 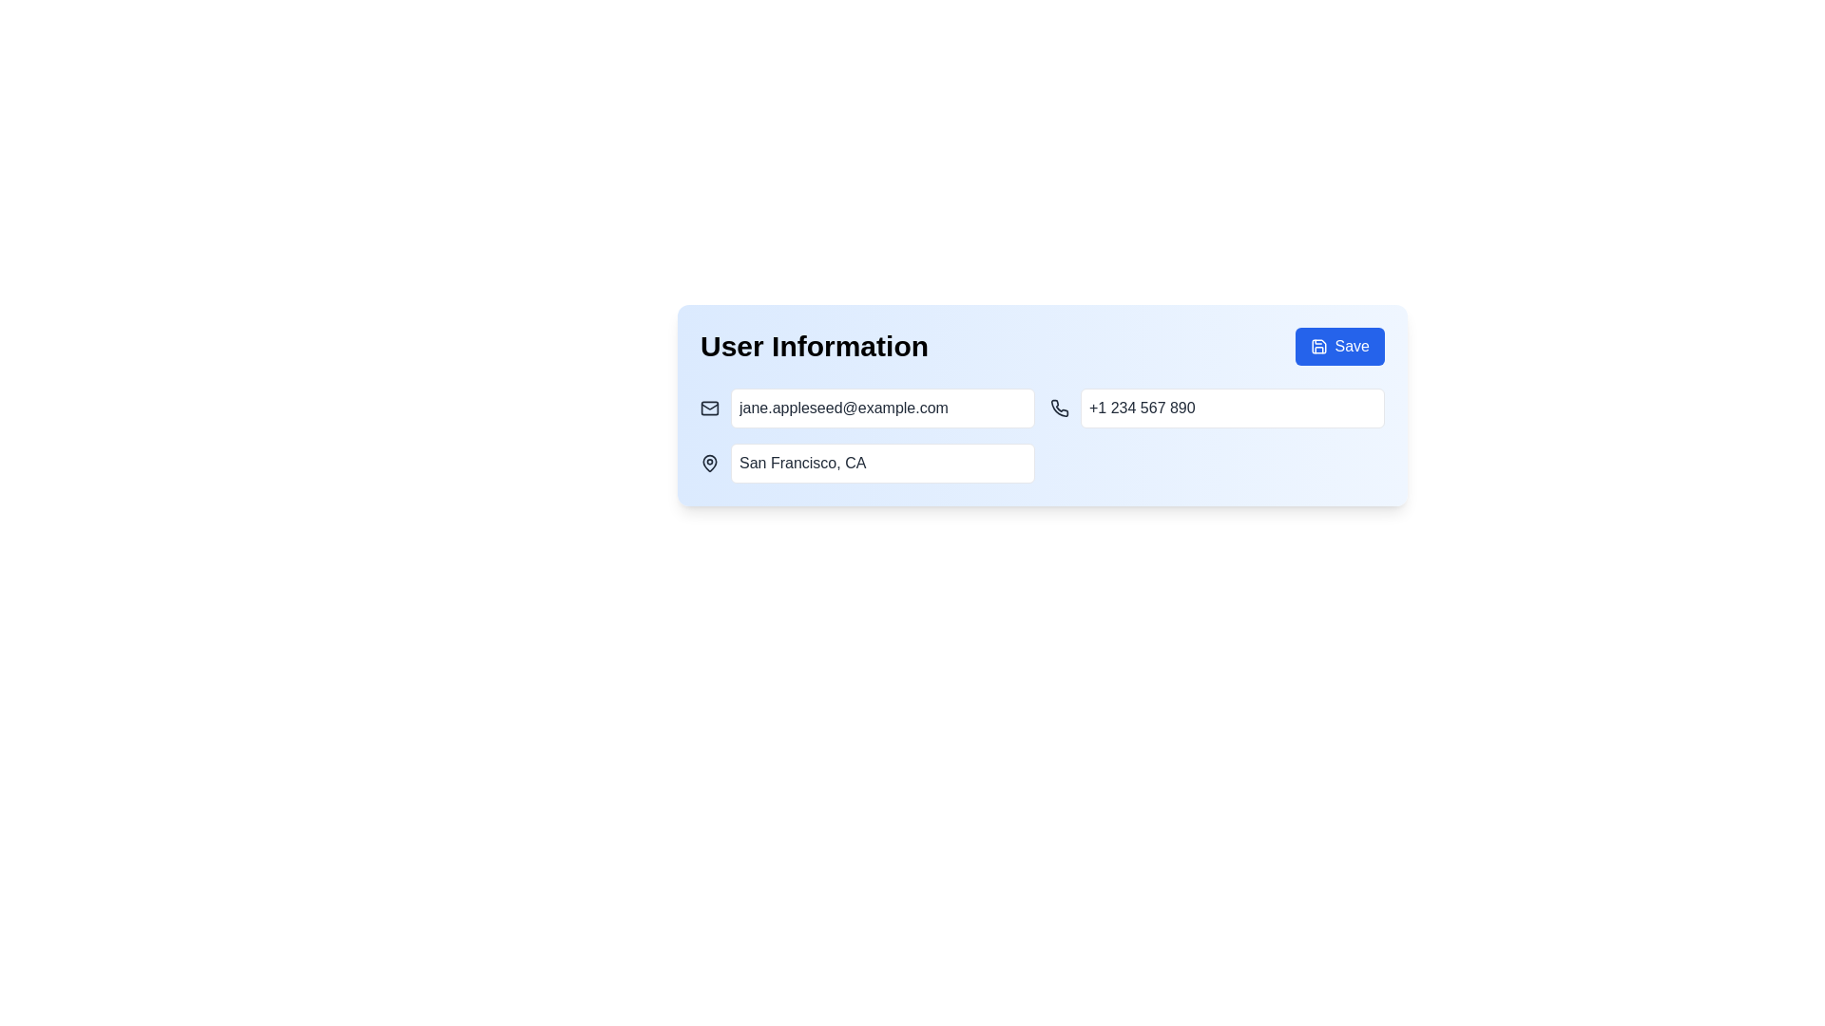 I want to click on the save icon, which is represented by an outlined folder with a downward-facing arrow, part of the 'Save' button in the top-right corner of the user information panel, so click(x=1317, y=347).